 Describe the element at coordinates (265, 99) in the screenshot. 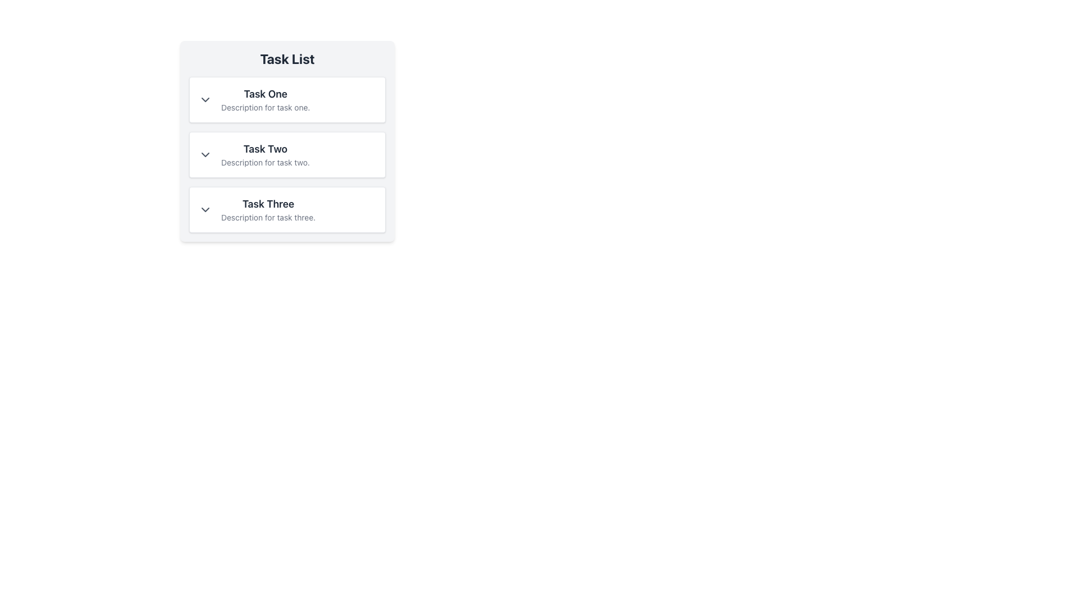

I see `the first task item in the vertical list of tasks, located directly under the 'Task List' heading, which displays the task's title and description` at that location.